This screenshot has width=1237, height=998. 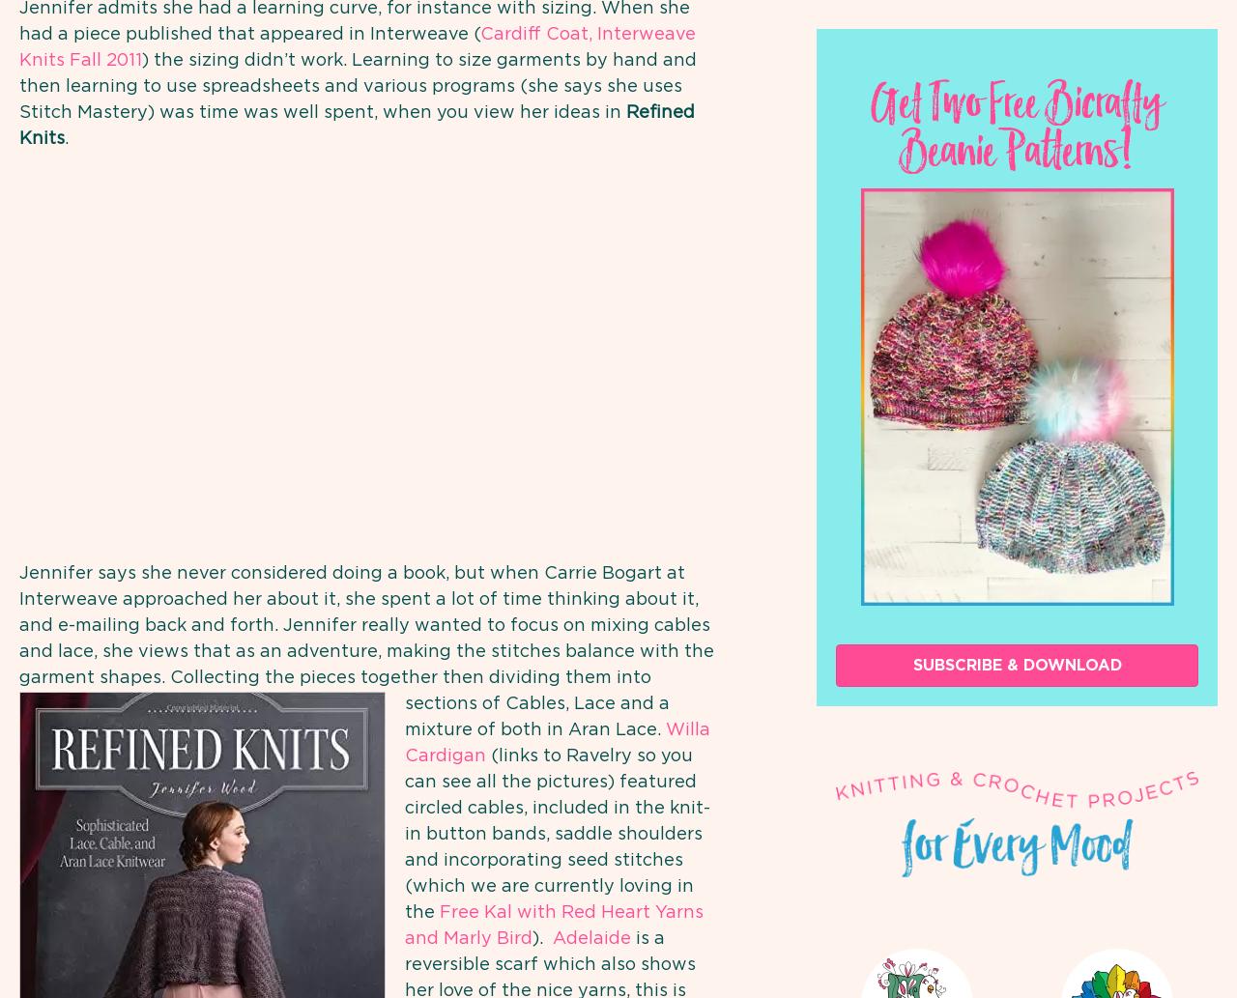 What do you see at coordinates (553, 925) in the screenshot?
I see `'Free Kal with Red Heart Yarns and Marly Bird'` at bounding box center [553, 925].